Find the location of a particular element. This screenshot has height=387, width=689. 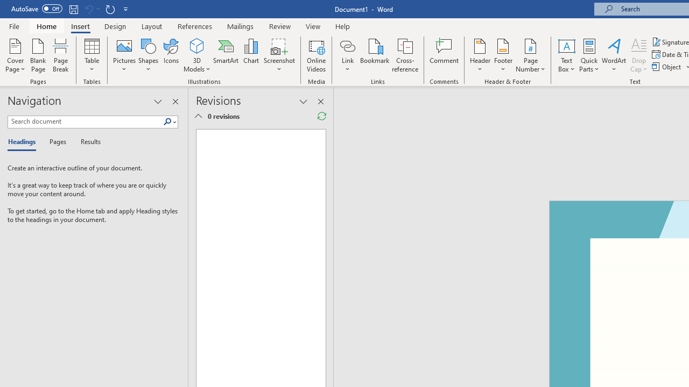

'Page Number' is located at coordinates (531, 55).